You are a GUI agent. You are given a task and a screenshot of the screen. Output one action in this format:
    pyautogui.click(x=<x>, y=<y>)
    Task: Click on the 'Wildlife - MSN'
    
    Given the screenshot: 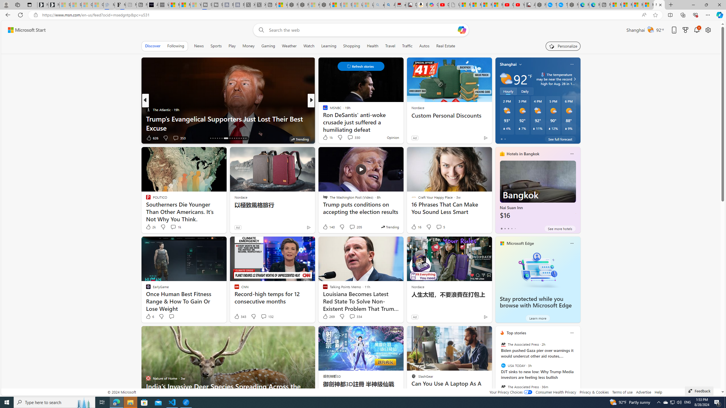 What is the action you would take?
    pyautogui.click(x=282, y=5)
    